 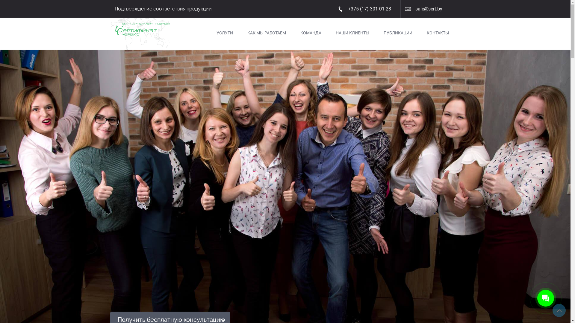 I want to click on 'sale@sert.by', so click(x=428, y=9).